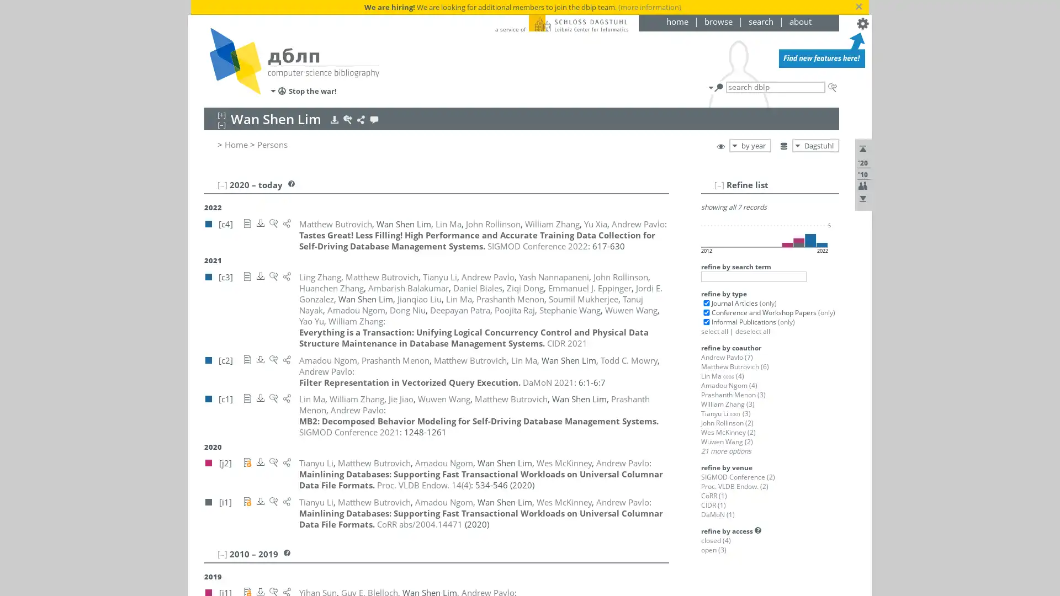 The width and height of the screenshot is (1060, 596). What do you see at coordinates (714, 495) in the screenshot?
I see `CoRR (1)` at bounding box center [714, 495].